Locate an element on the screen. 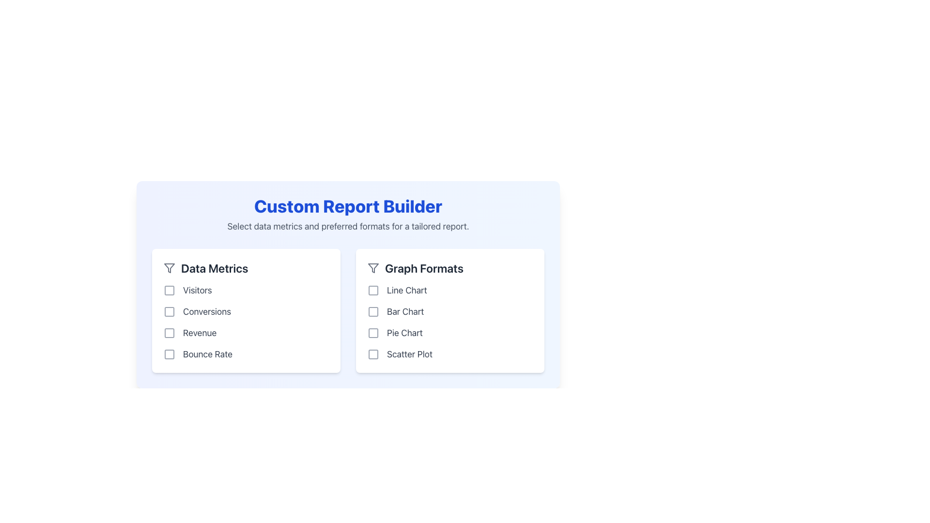 This screenshot has height=523, width=930. the filtering options icon in the 'Graph Formats' section of the custom report builder interface, located towards the left-hand side is located at coordinates (170, 268).